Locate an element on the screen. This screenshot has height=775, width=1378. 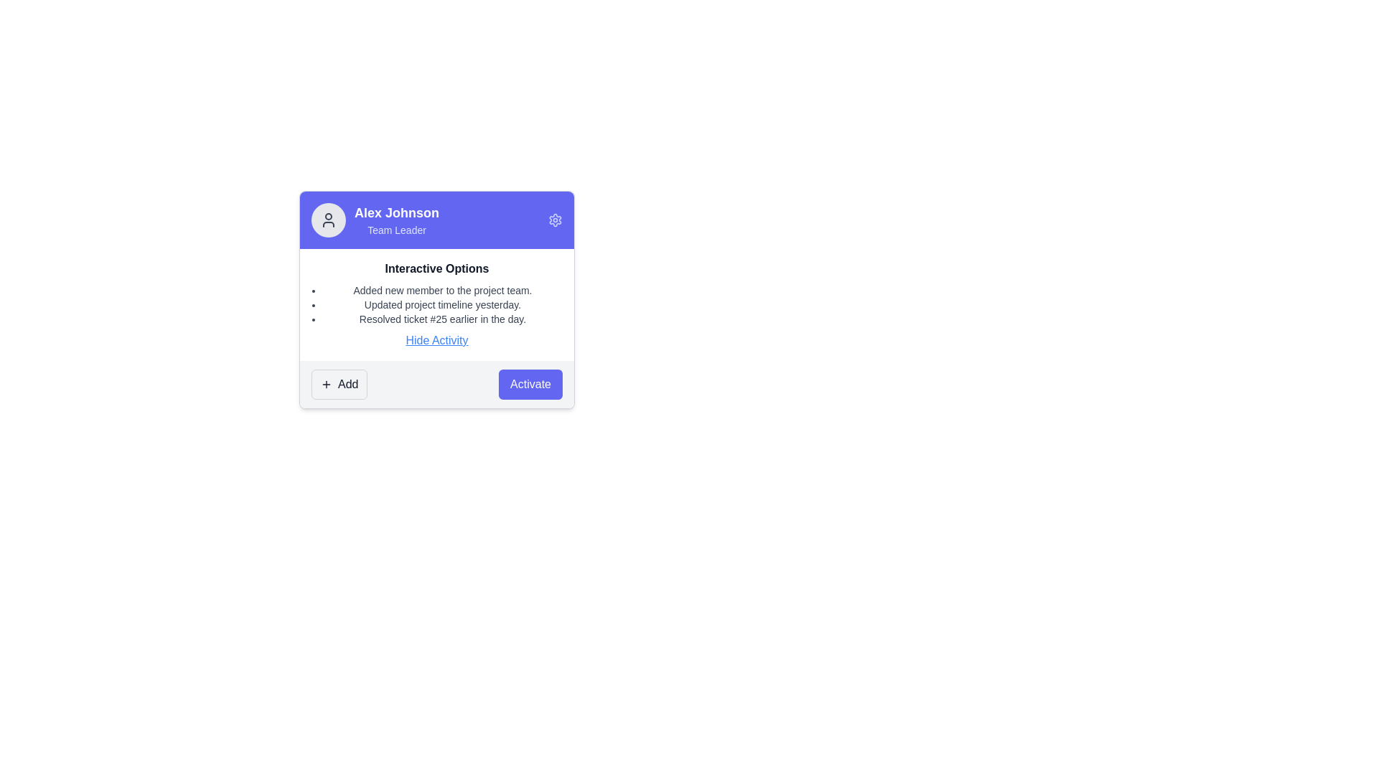
informational text element that indicates the addition of a new member to the project team, located in the 'Interactive Options' section of the user information card is located at coordinates (442, 291).